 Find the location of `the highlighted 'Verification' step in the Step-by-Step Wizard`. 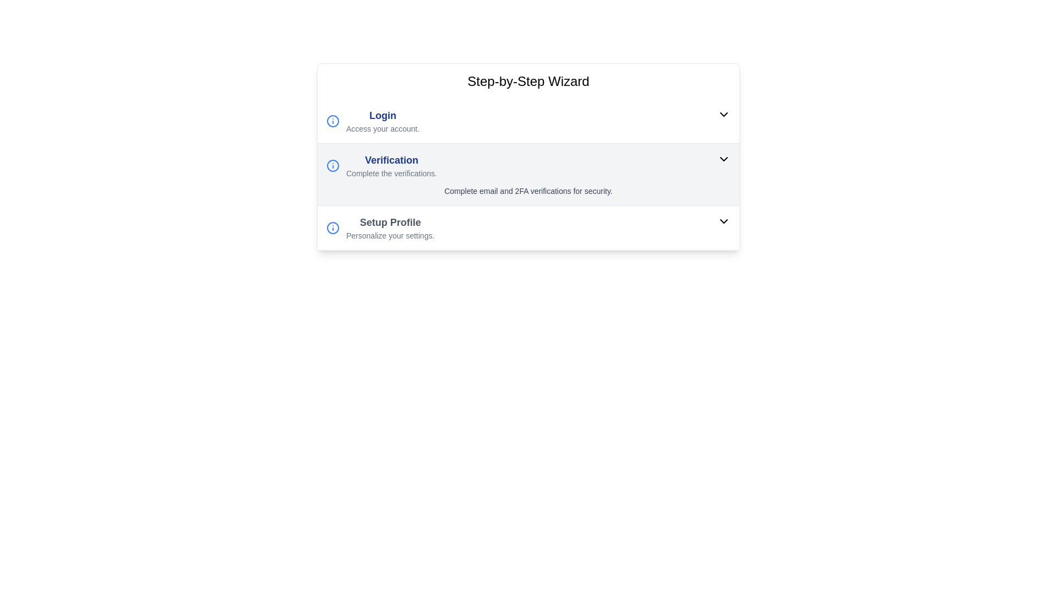

the highlighted 'Verification' step in the Step-by-Step Wizard is located at coordinates (528, 157).